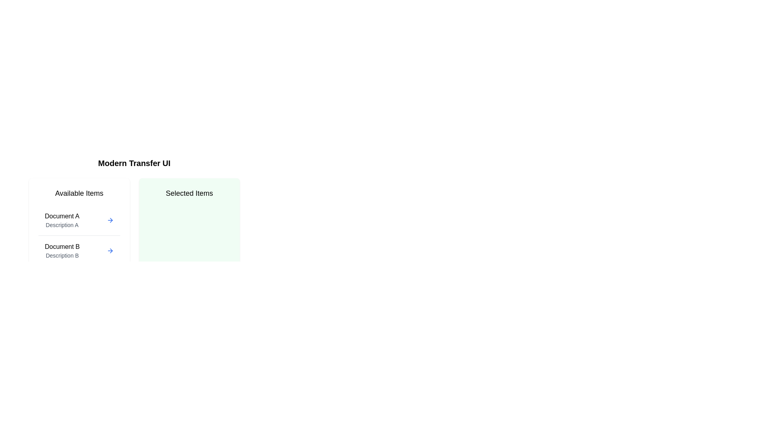 The height and width of the screenshot is (428, 762). Describe the element at coordinates (110, 250) in the screenshot. I see `the second arrow icon button in the 'Available Items' pane, which is aligned with 'Document B' and adjacent to 'Description B'` at that location.